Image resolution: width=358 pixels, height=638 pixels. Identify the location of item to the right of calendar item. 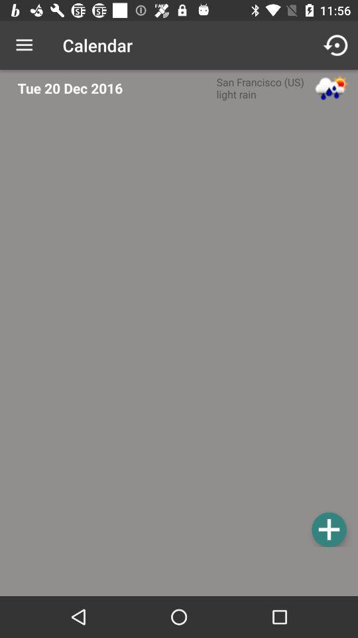
(337, 45).